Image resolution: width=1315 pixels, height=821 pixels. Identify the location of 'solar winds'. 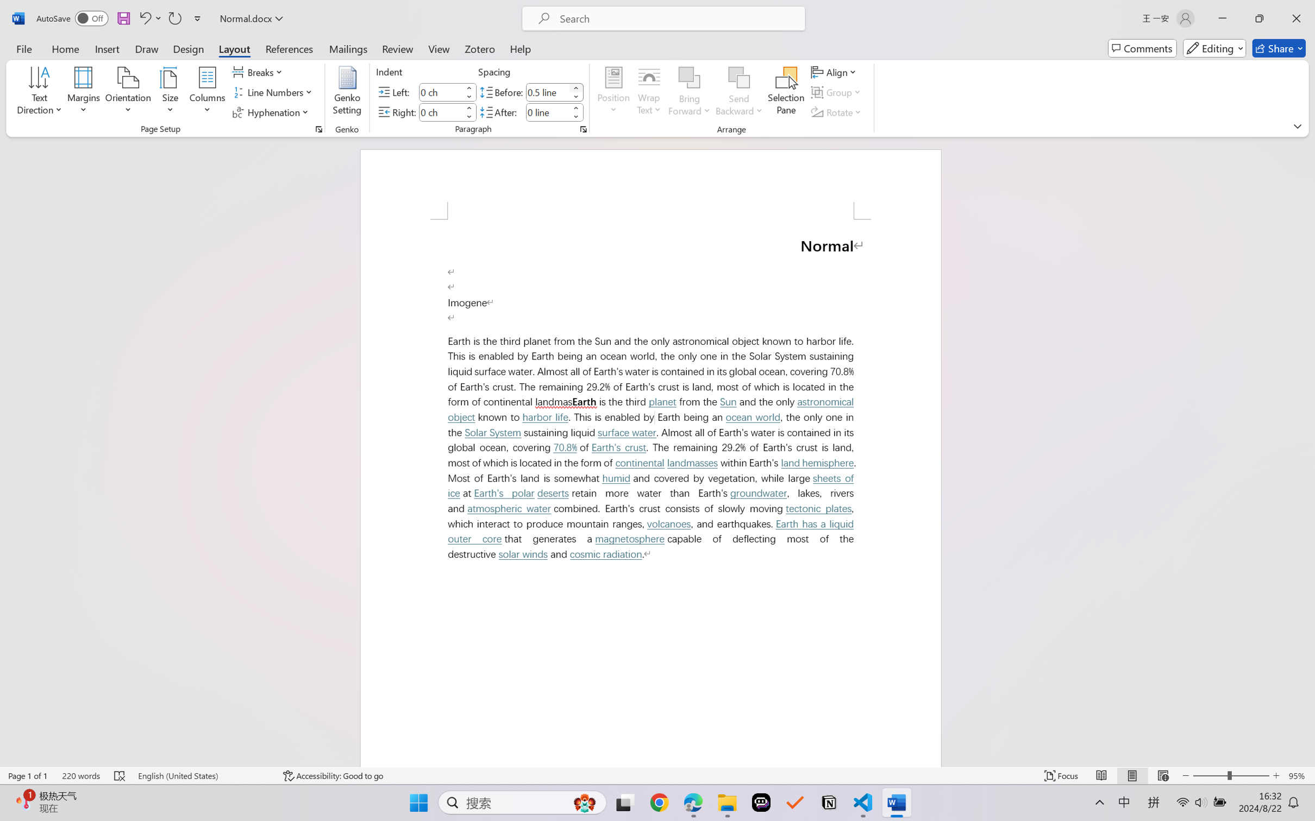
(522, 554).